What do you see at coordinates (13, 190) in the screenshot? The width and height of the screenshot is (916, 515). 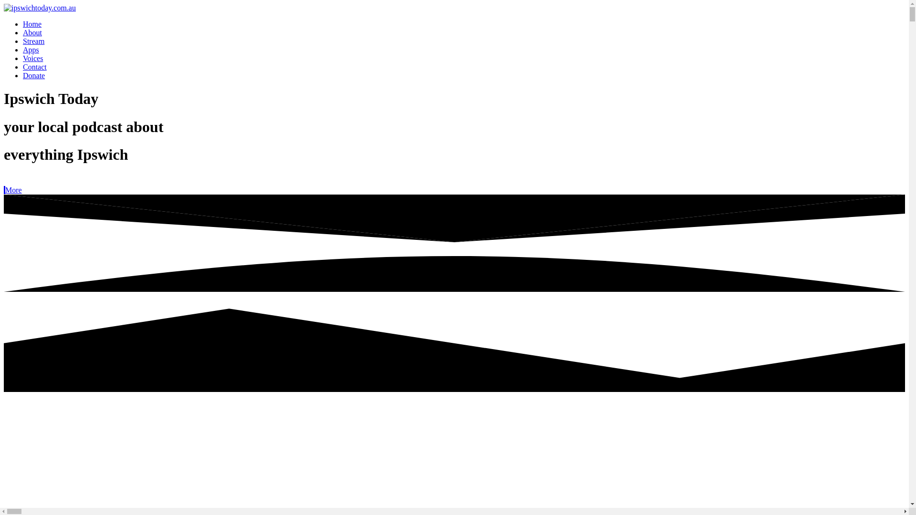 I see `'More'` at bounding box center [13, 190].